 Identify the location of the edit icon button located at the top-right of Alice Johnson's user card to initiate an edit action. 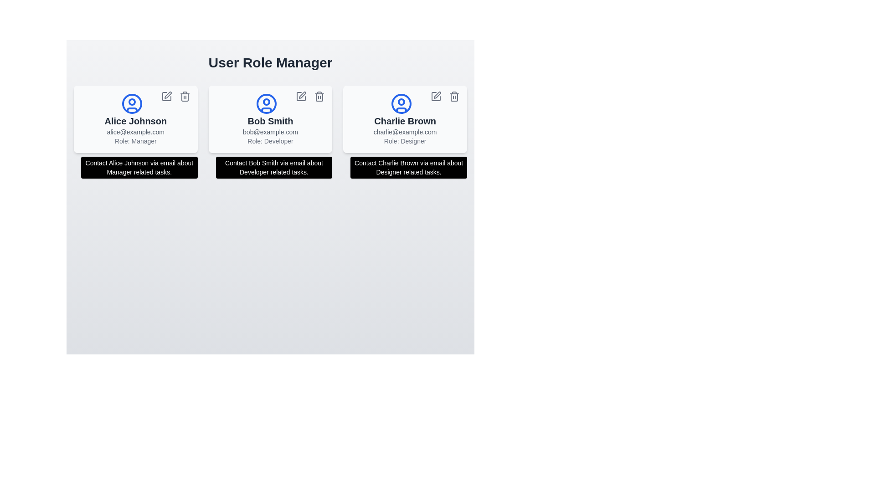
(168, 95).